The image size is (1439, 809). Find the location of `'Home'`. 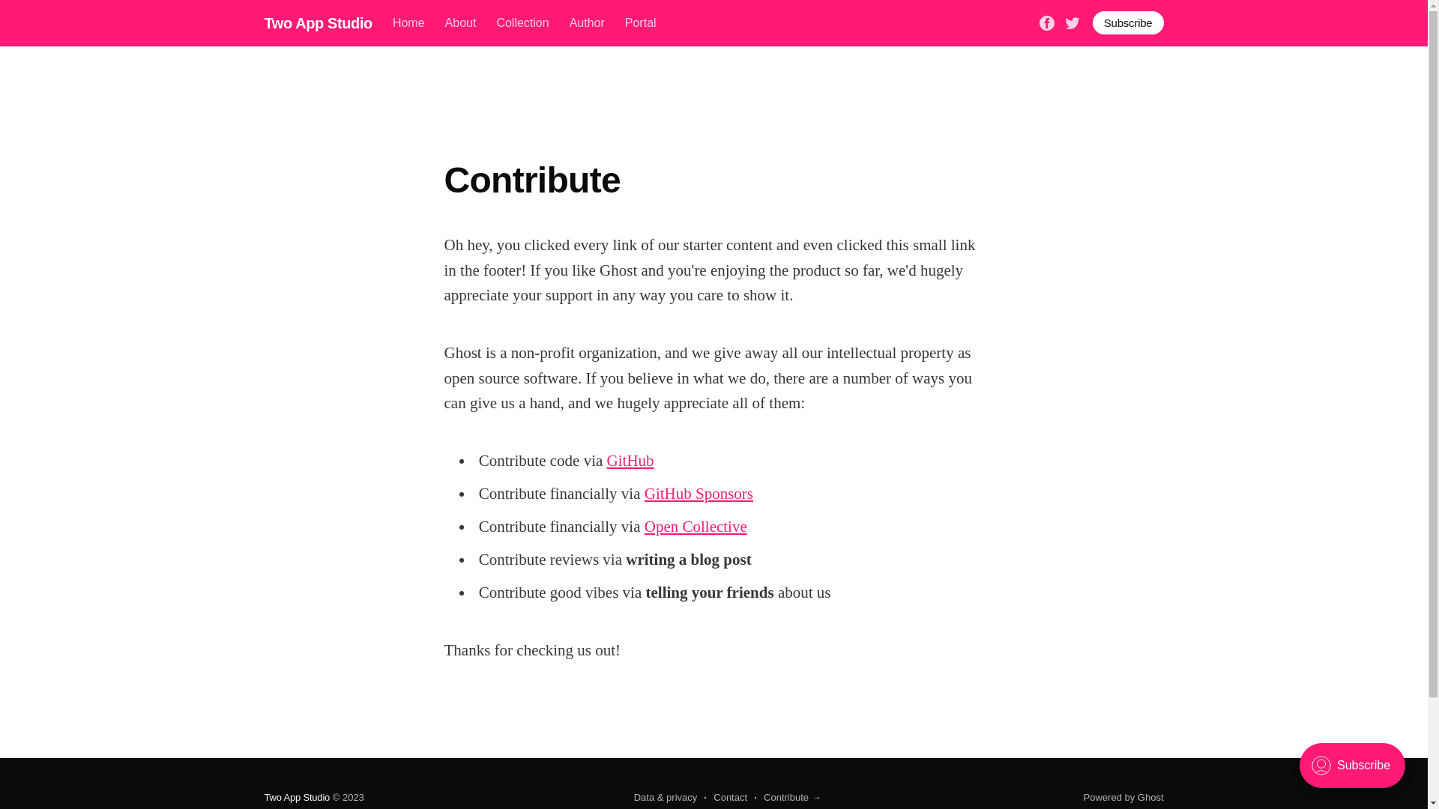

'Home' is located at coordinates (408, 22).